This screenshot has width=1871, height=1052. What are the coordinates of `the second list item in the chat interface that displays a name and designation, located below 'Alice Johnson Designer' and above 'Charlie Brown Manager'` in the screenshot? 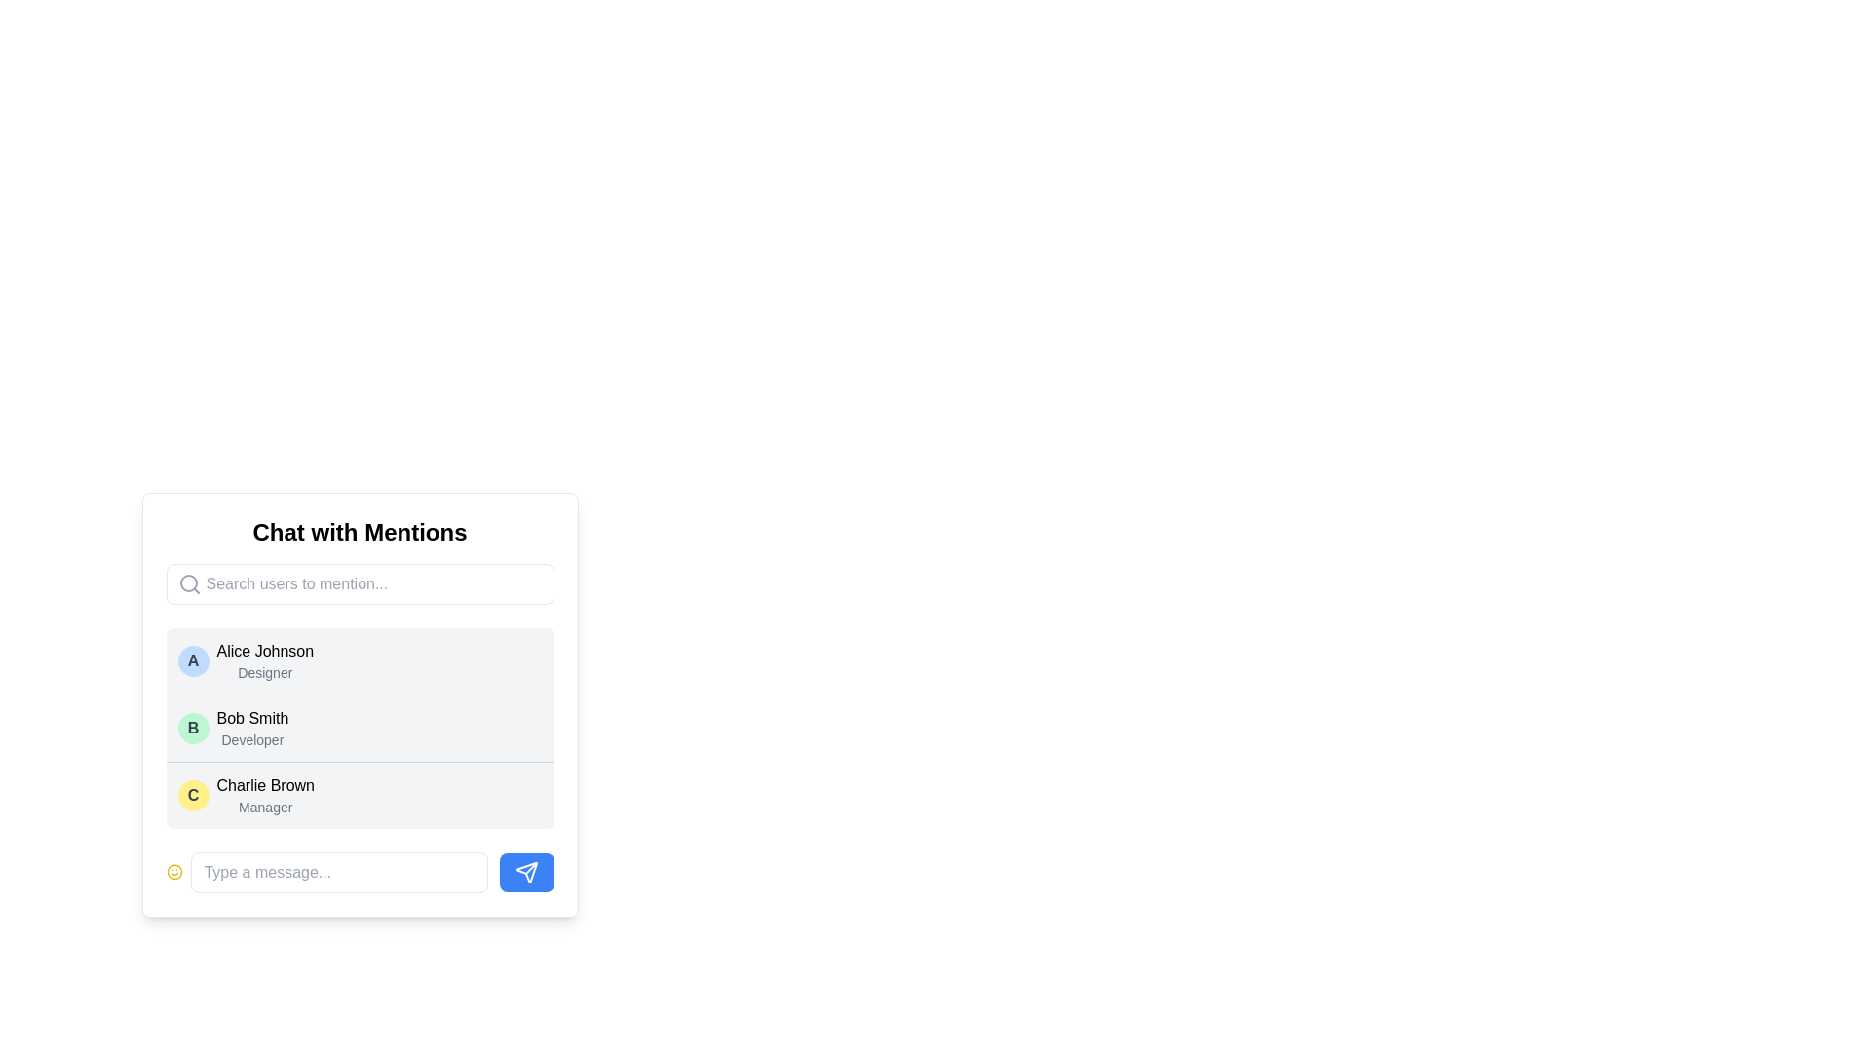 It's located at (251, 729).